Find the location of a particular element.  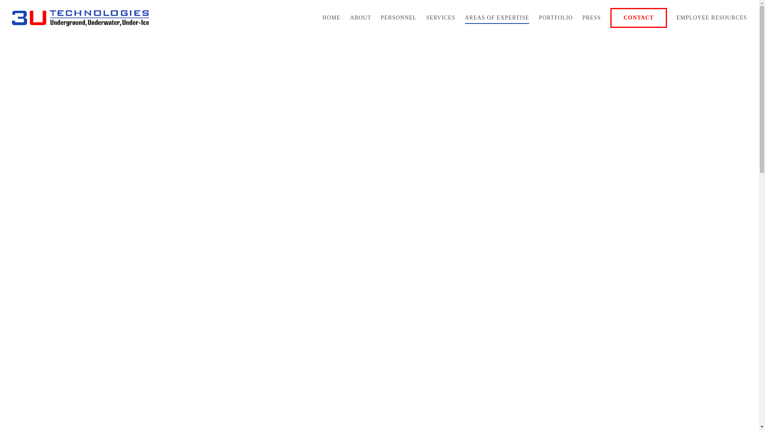

'PRESS' is located at coordinates (591, 18).